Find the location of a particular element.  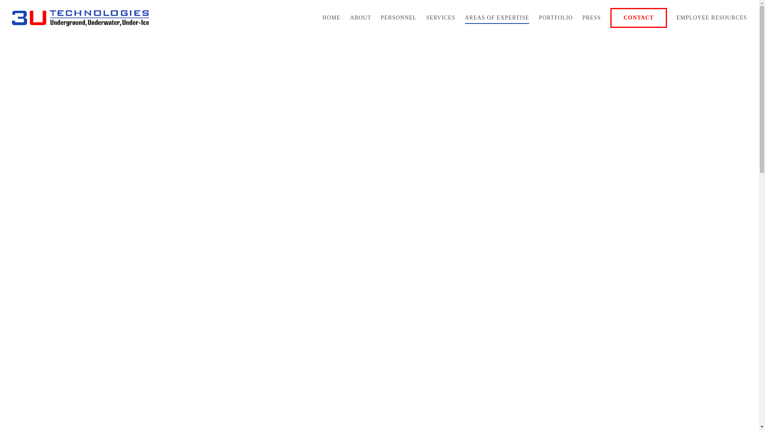

'PRESS' is located at coordinates (591, 18).